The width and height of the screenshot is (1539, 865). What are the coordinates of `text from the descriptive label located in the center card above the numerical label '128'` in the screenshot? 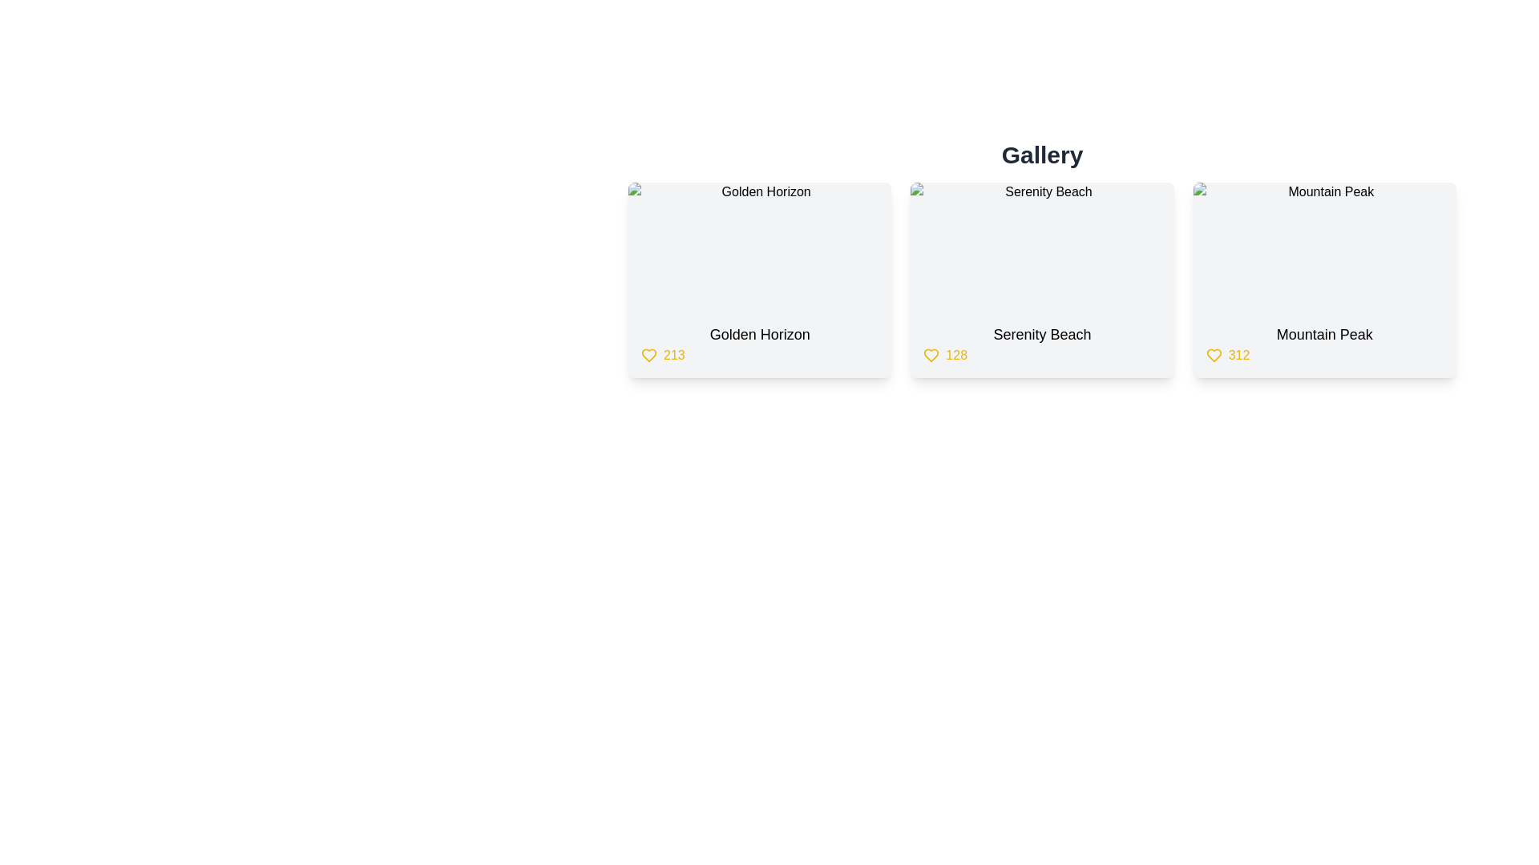 It's located at (1042, 333).